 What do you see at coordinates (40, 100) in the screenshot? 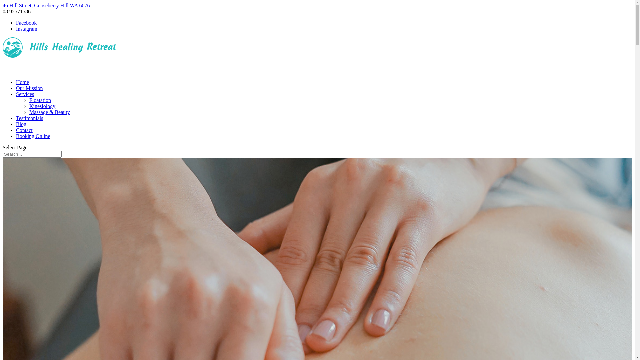
I see `'Floatation'` at bounding box center [40, 100].